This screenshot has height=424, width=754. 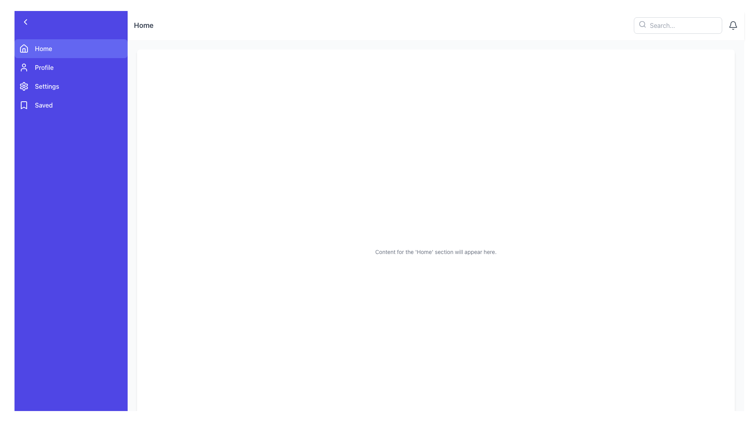 I want to click on the circular SVG element that is styled as a solid circle within the magnifying glass icon, located to the left of the search bar in the top-right area of the interface, so click(x=642, y=24).